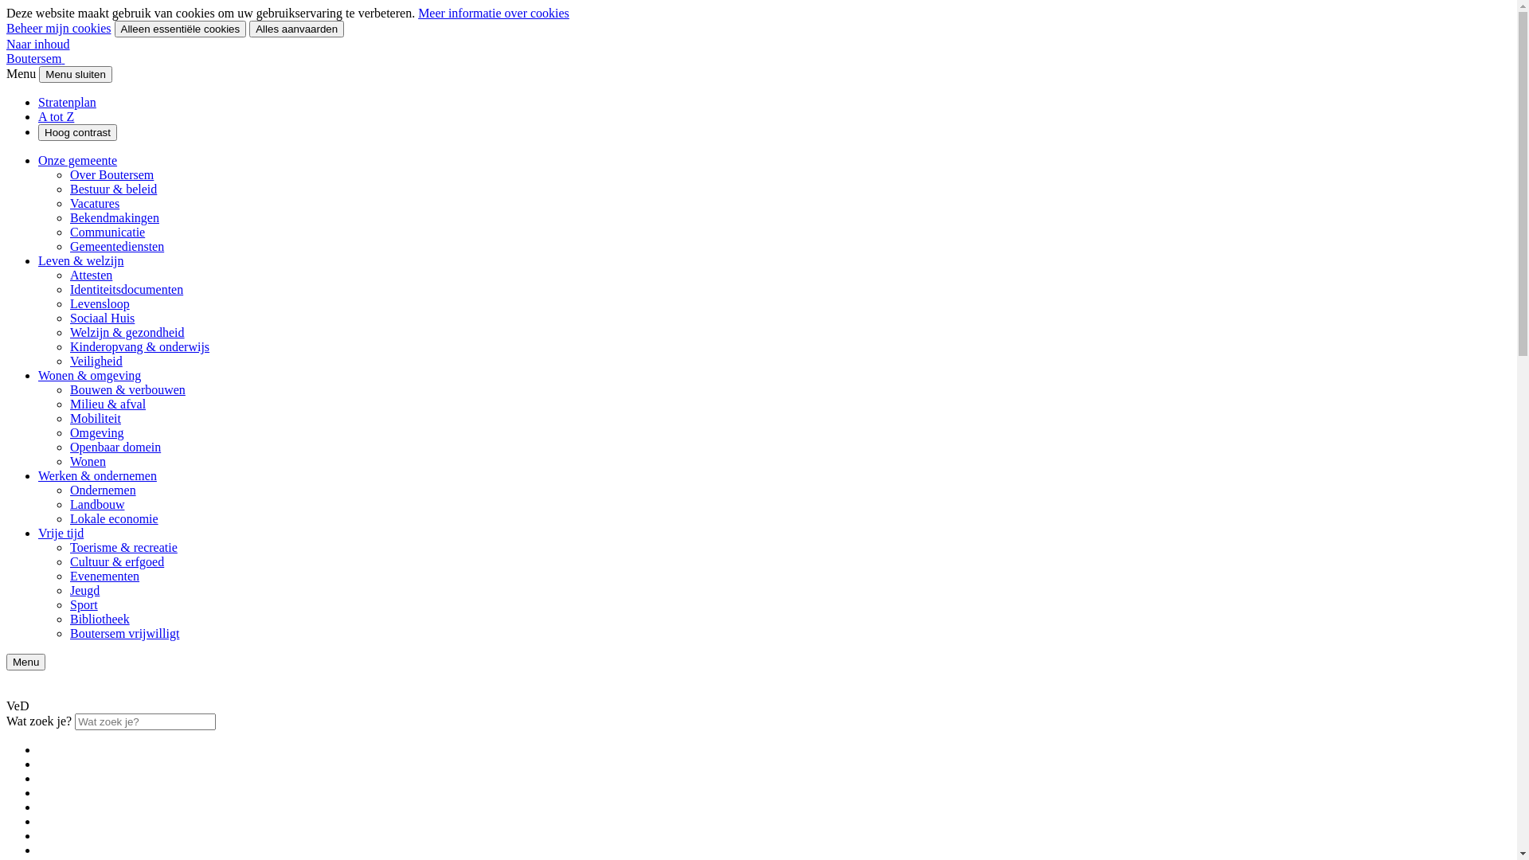 The image size is (1529, 860). Describe the element at coordinates (83, 604) in the screenshot. I see `'Sport'` at that location.